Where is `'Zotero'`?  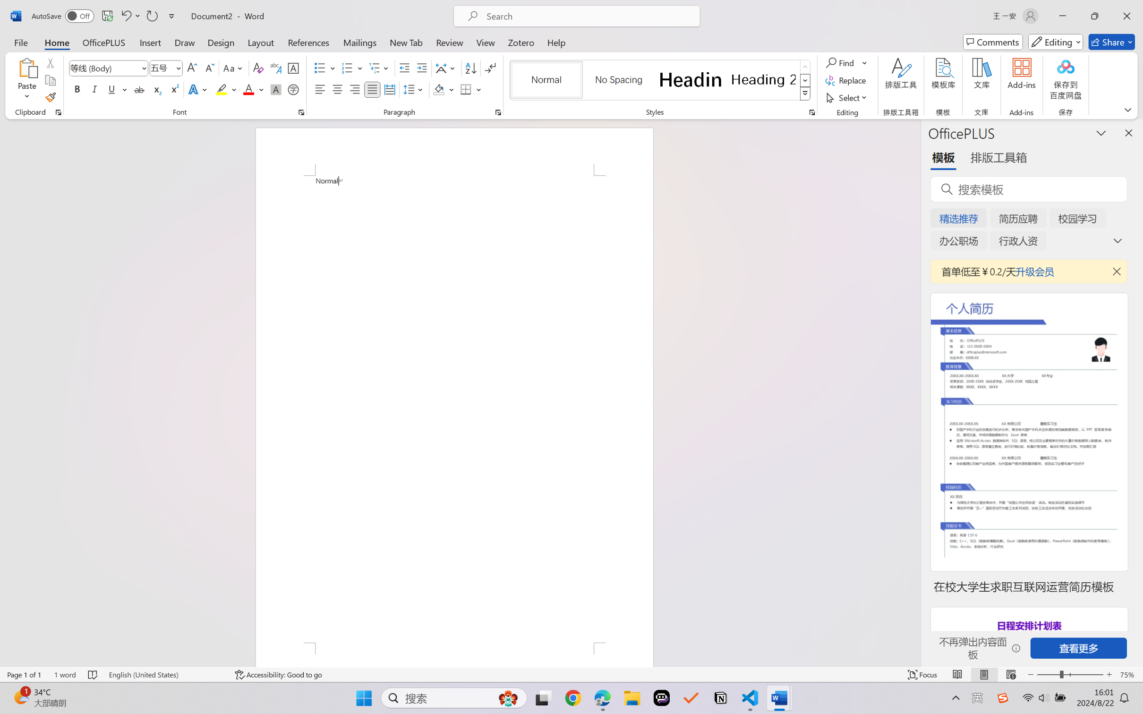
'Zotero' is located at coordinates (520, 42).